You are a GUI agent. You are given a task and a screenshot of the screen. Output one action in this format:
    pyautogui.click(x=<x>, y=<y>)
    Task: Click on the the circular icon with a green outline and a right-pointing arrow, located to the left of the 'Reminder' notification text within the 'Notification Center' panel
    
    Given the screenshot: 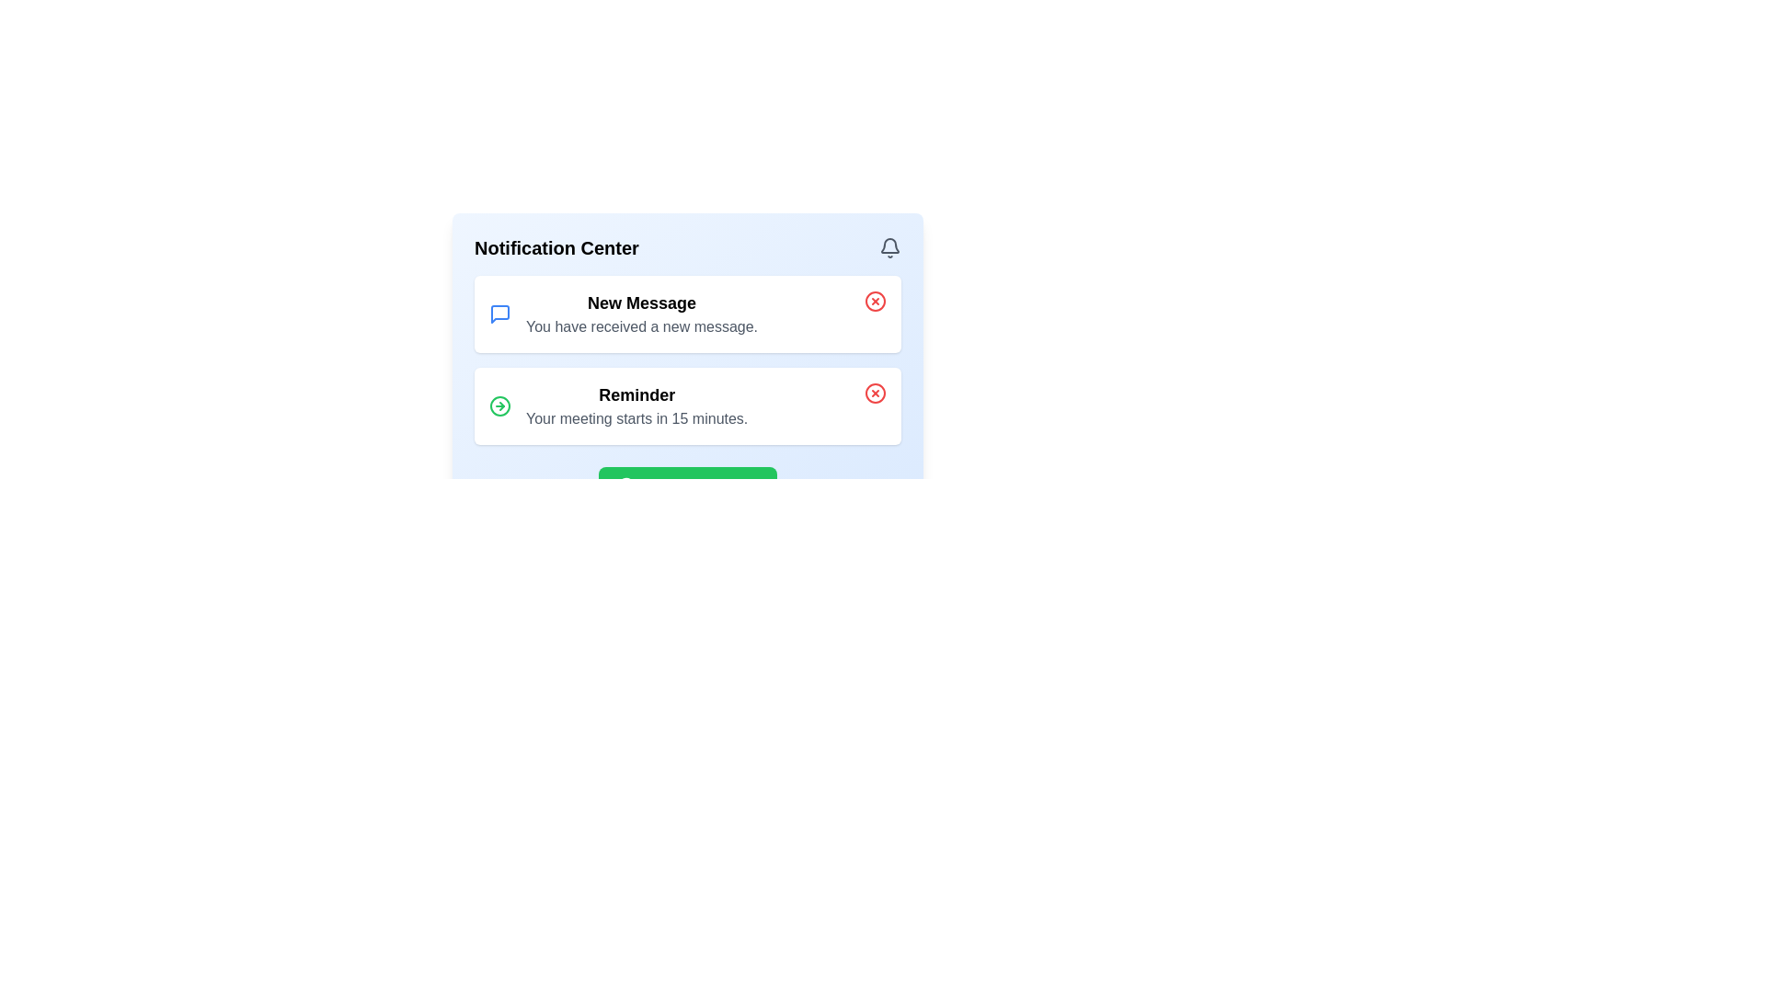 What is the action you would take?
    pyautogui.click(x=499, y=405)
    